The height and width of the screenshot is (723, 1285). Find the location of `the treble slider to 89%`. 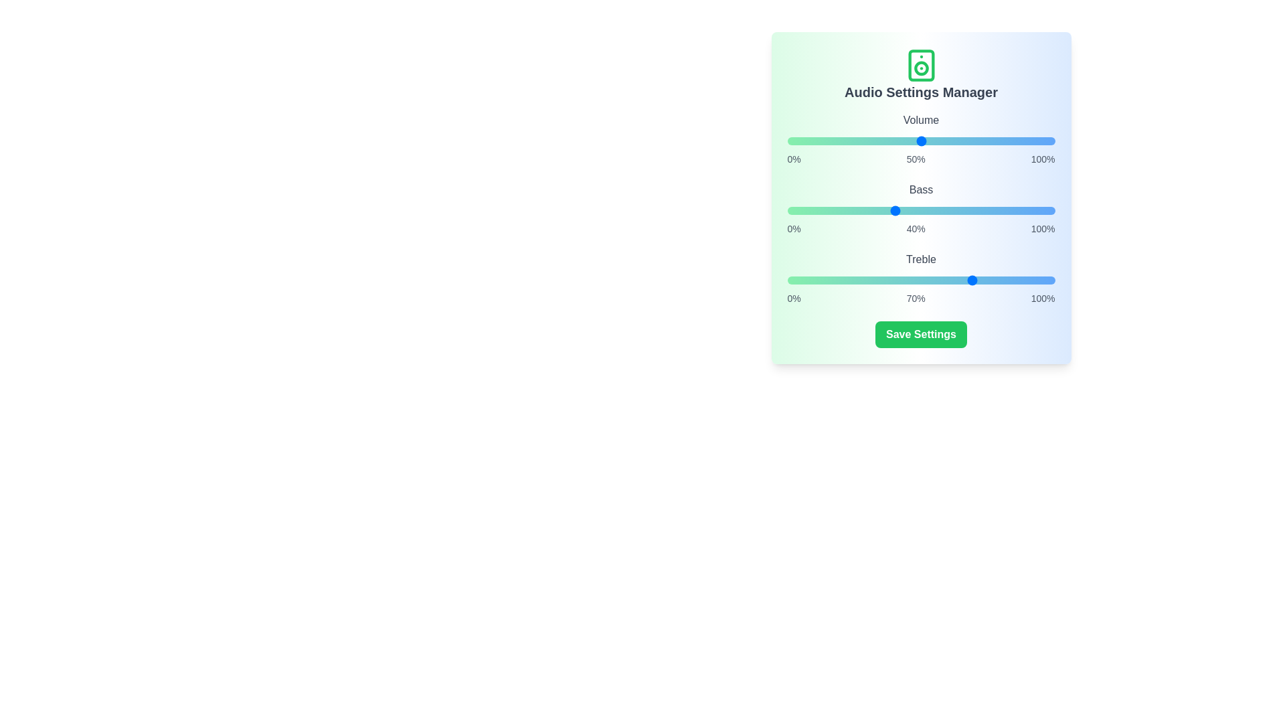

the treble slider to 89% is located at coordinates (1025, 280).